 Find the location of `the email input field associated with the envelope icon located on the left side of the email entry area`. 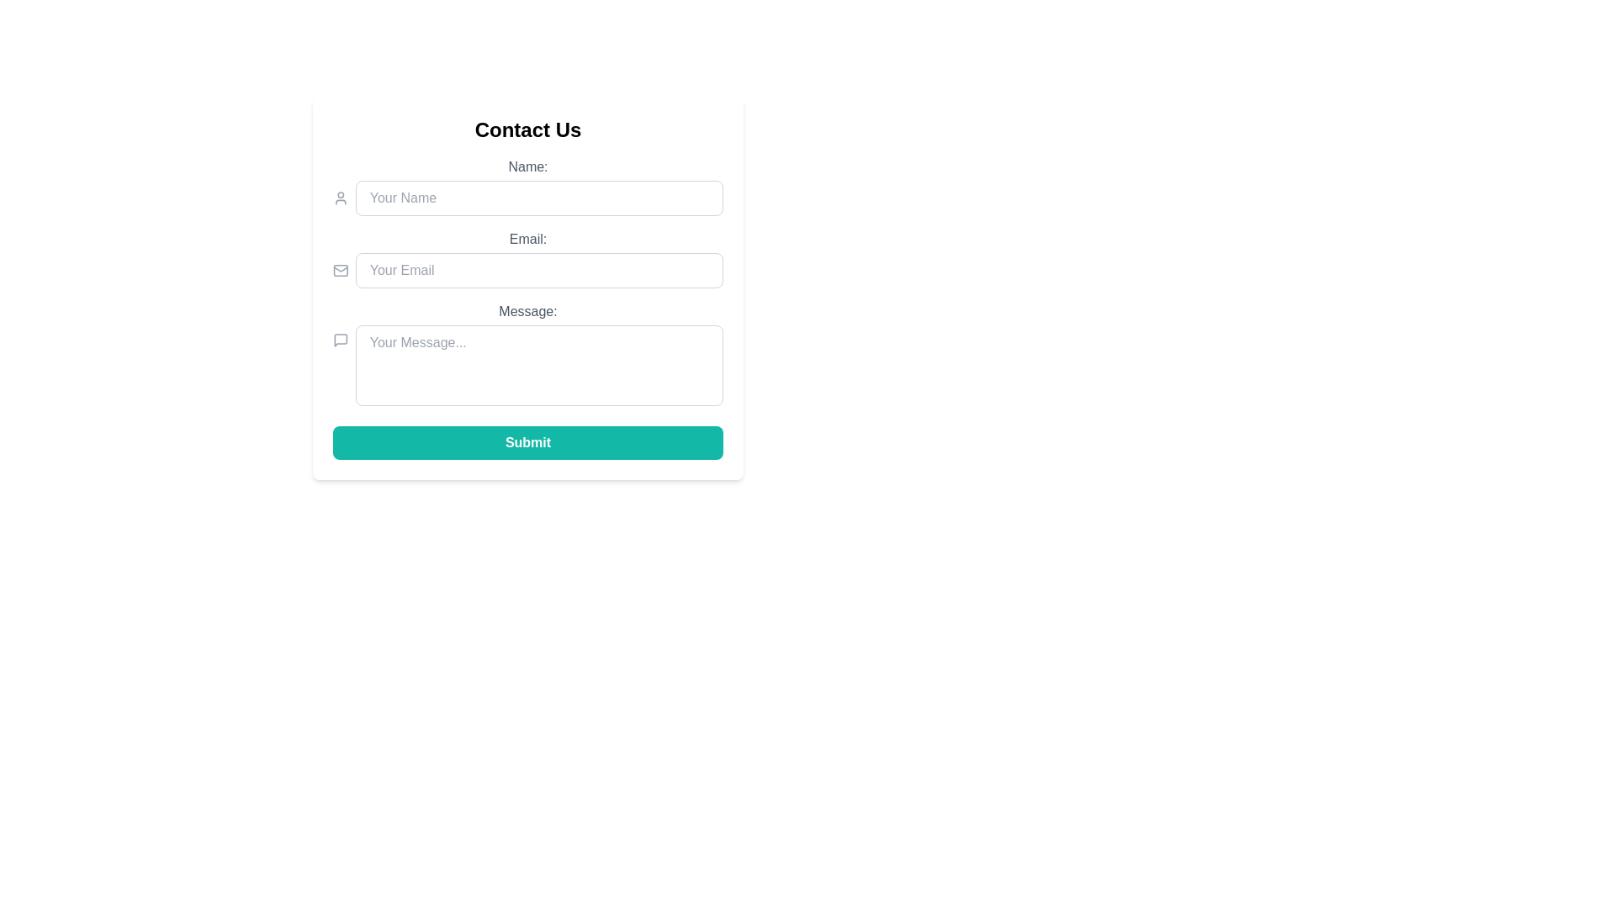

the email input field associated with the envelope icon located on the left side of the email entry area is located at coordinates (340, 269).